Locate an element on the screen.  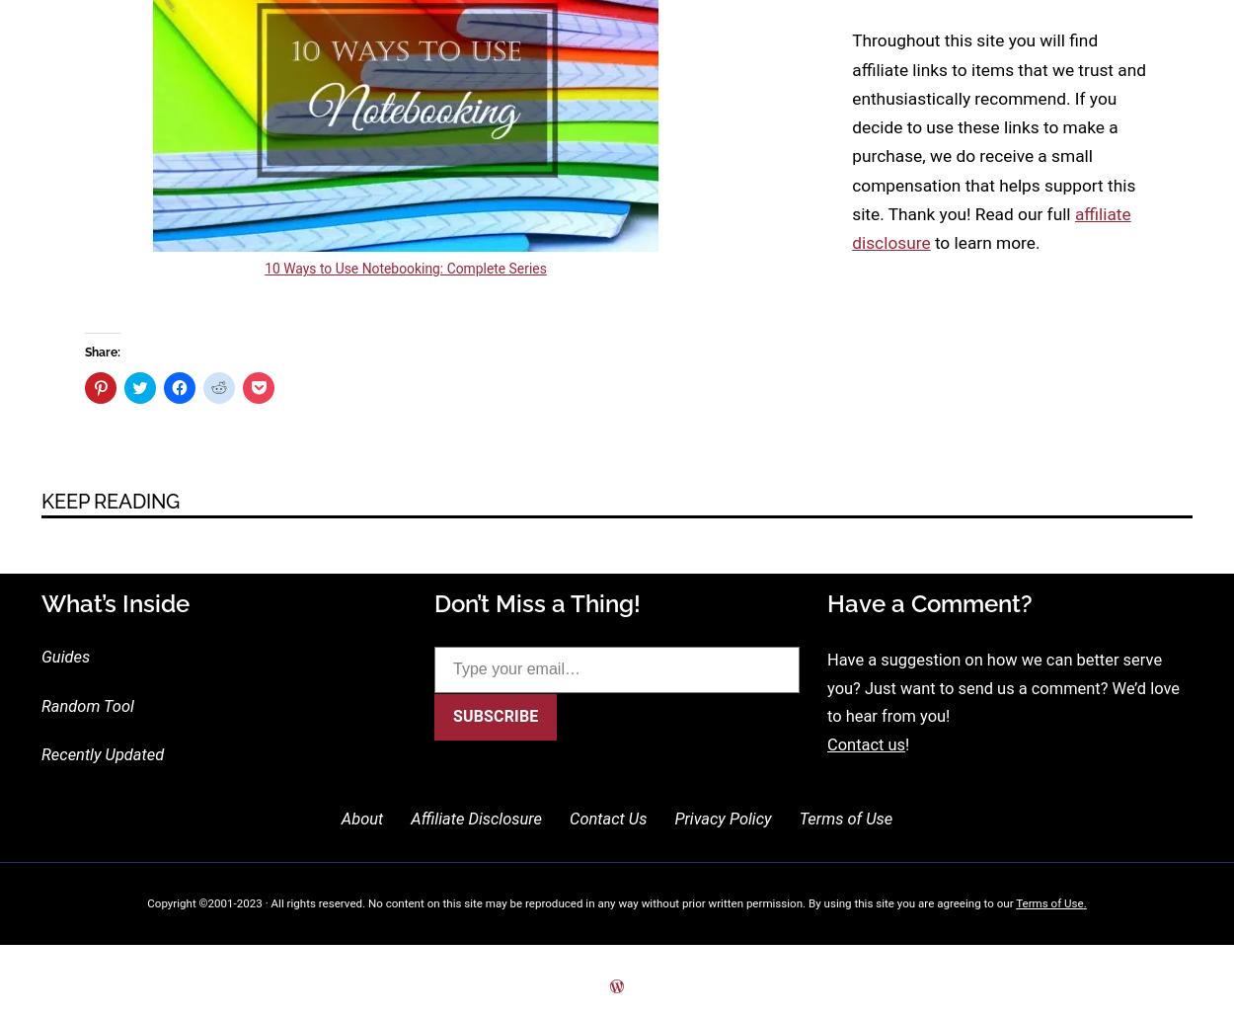
'Copyright ©2001-2023 · All rights reserved. No content on this site may be reproduced in any way without prior written permission. By using this site you are agreeing to our' is located at coordinates (580, 901).